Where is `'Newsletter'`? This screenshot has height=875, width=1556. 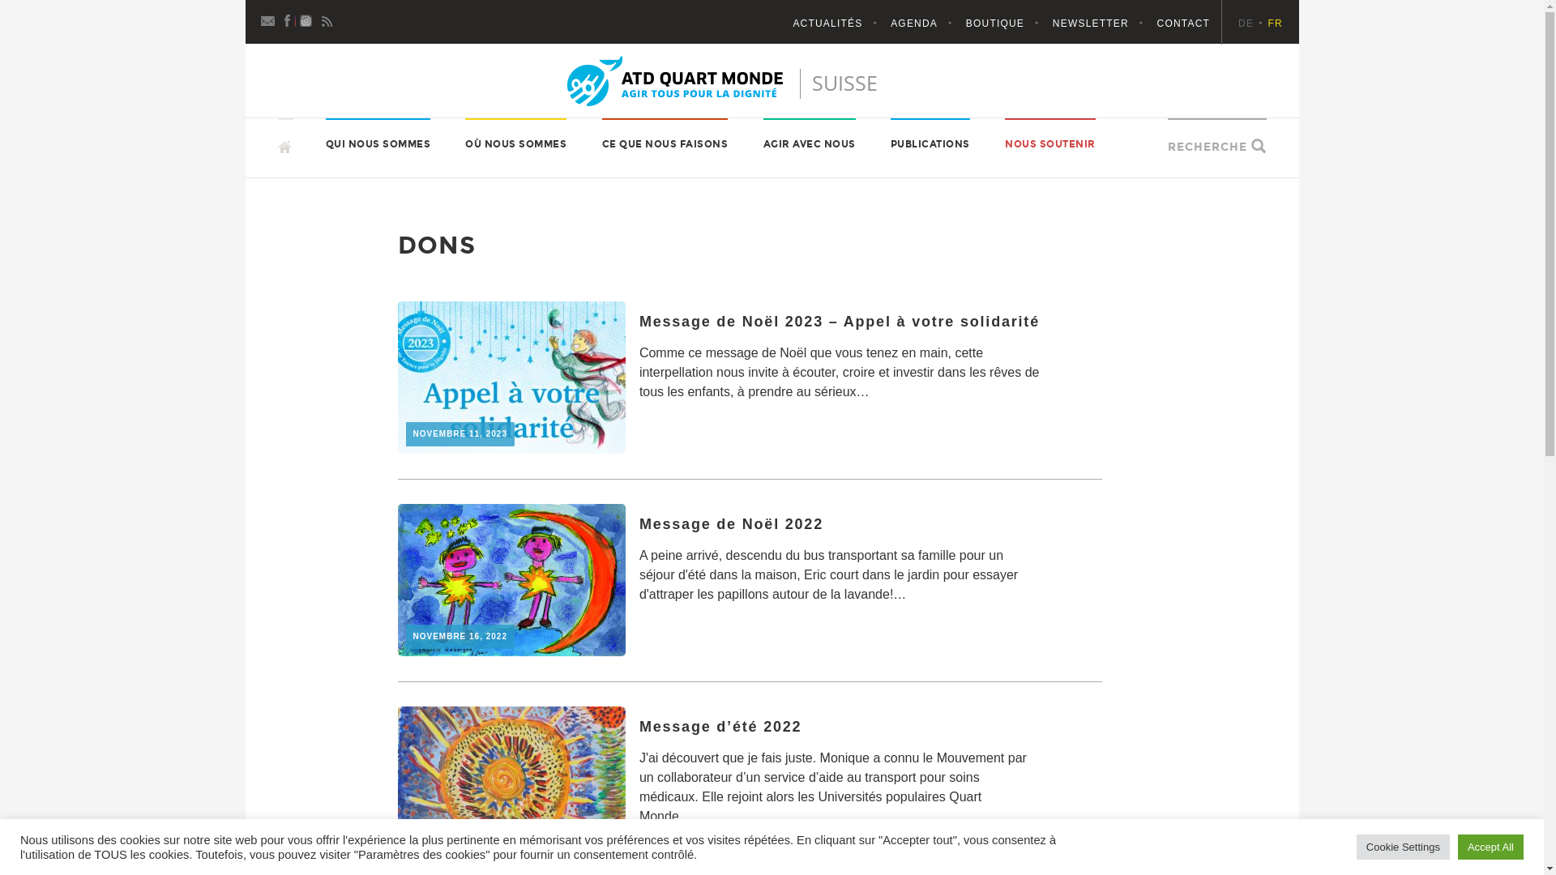 'Newsletter' is located at coordinates (268, 19).